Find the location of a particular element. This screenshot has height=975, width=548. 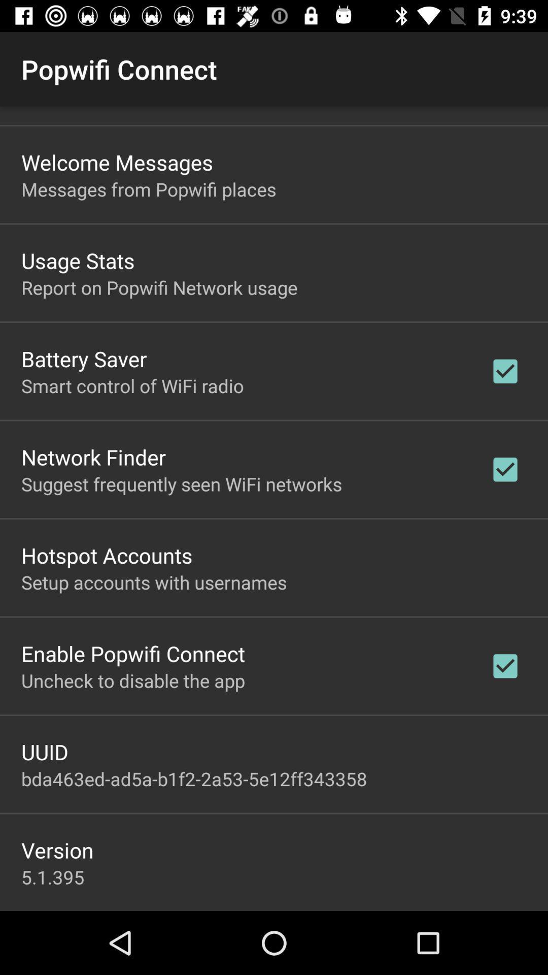

the item above network finder item is located at coordinates (132, 385).